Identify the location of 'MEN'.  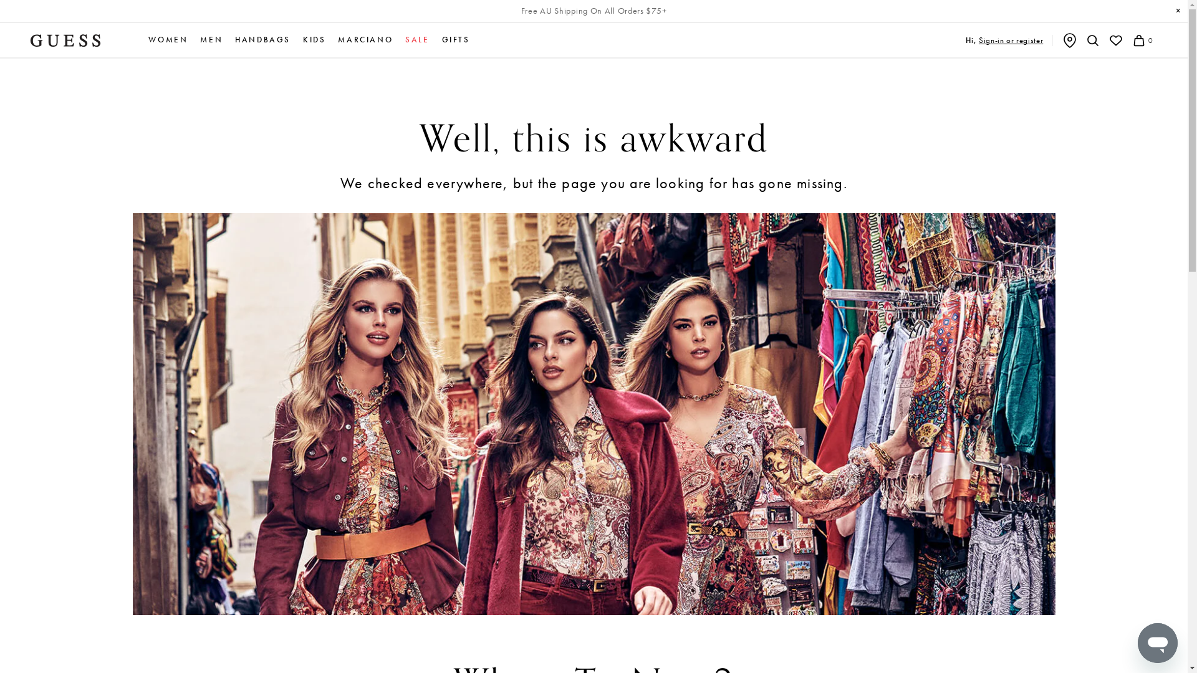
(211, 39).